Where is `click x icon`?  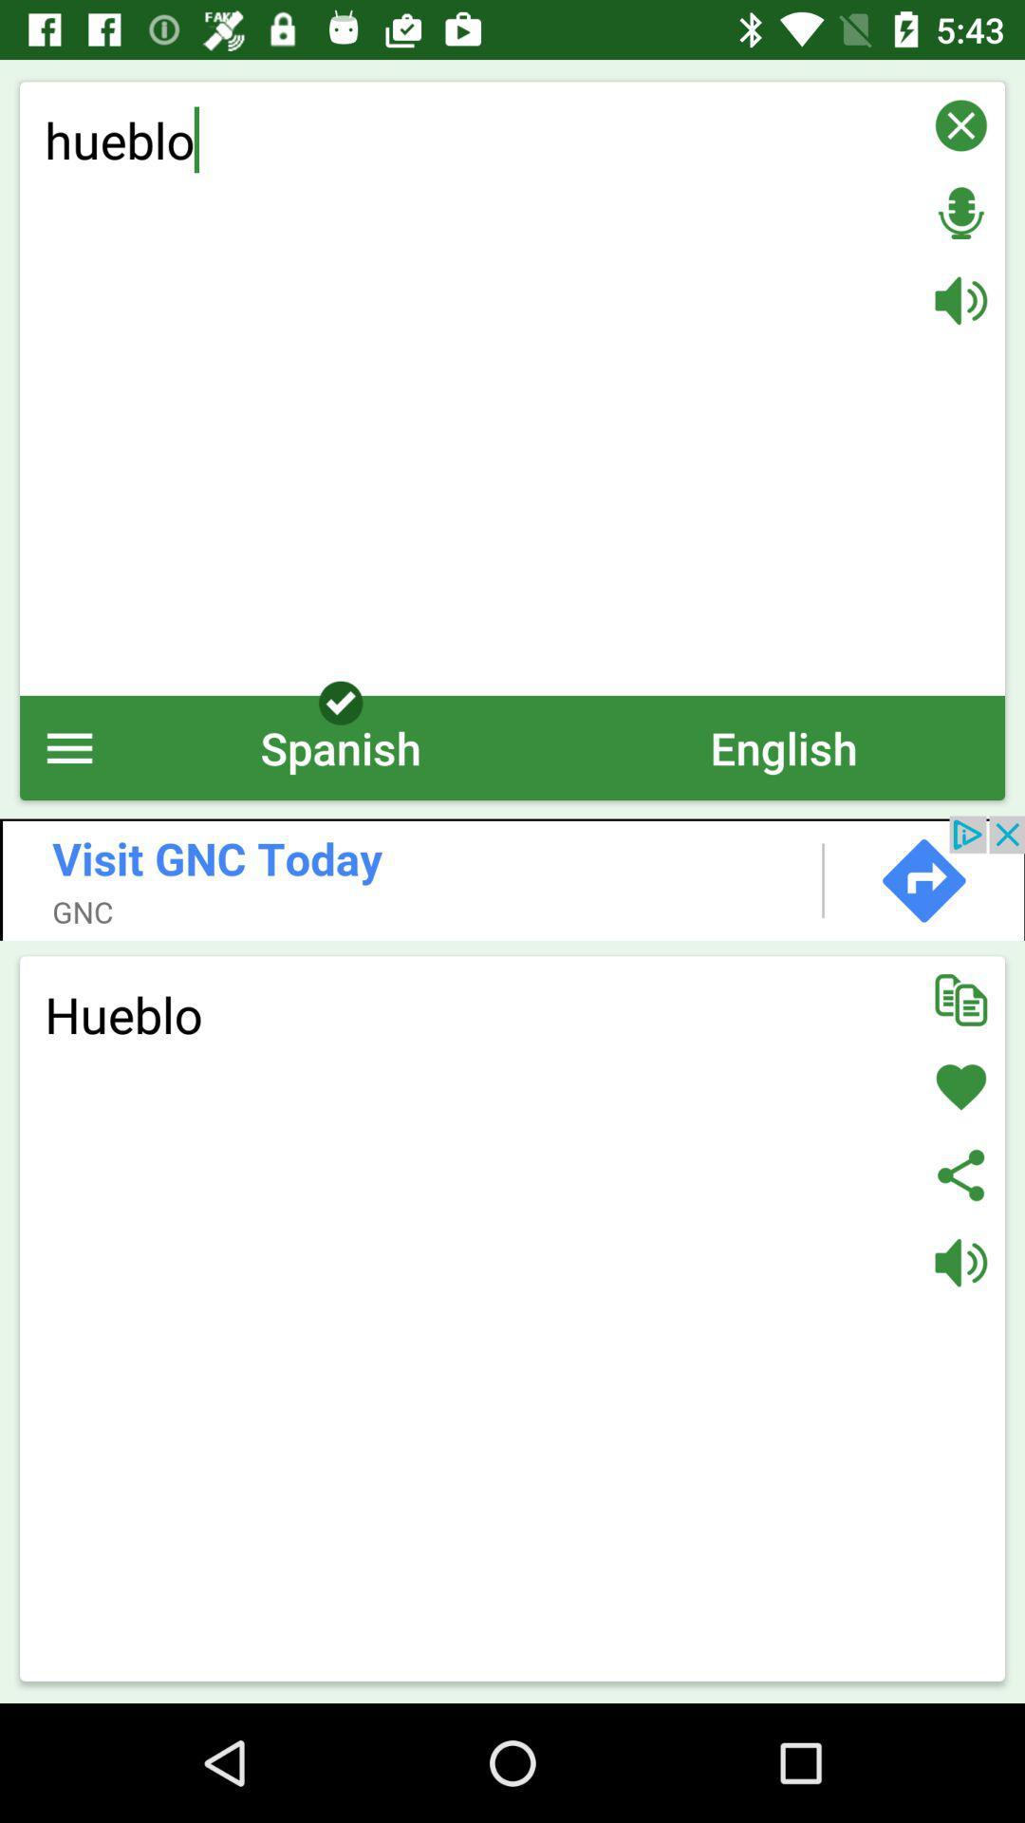
click x icon is located at coordinates (960, 124).